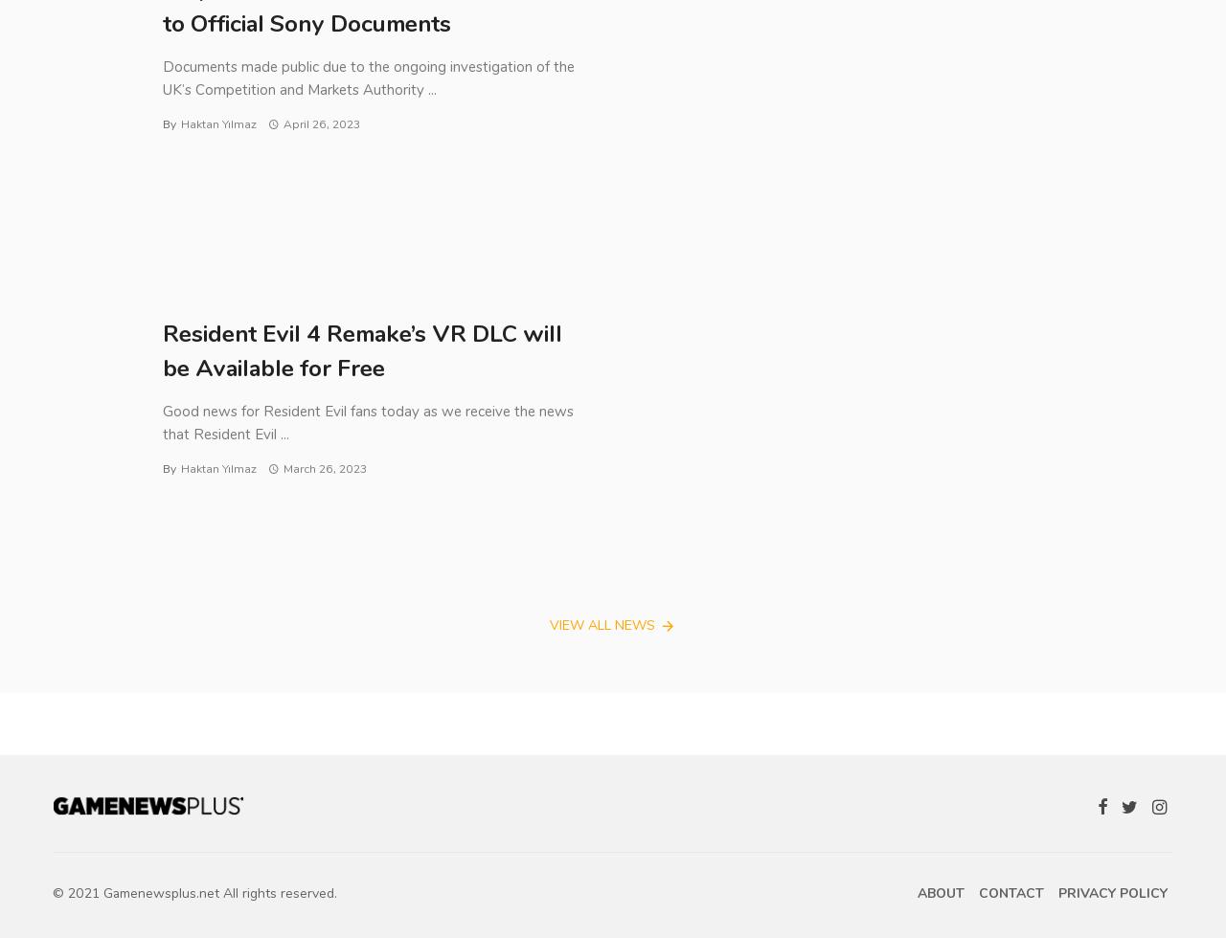 This screenshot has width=1226, height=938. What do you see at coordinates (162, 350) in the screenshot?
I see `'Resident Evil 4 Remake’s VR DLC will be Available for Free'` at bounding box center [162, 350].